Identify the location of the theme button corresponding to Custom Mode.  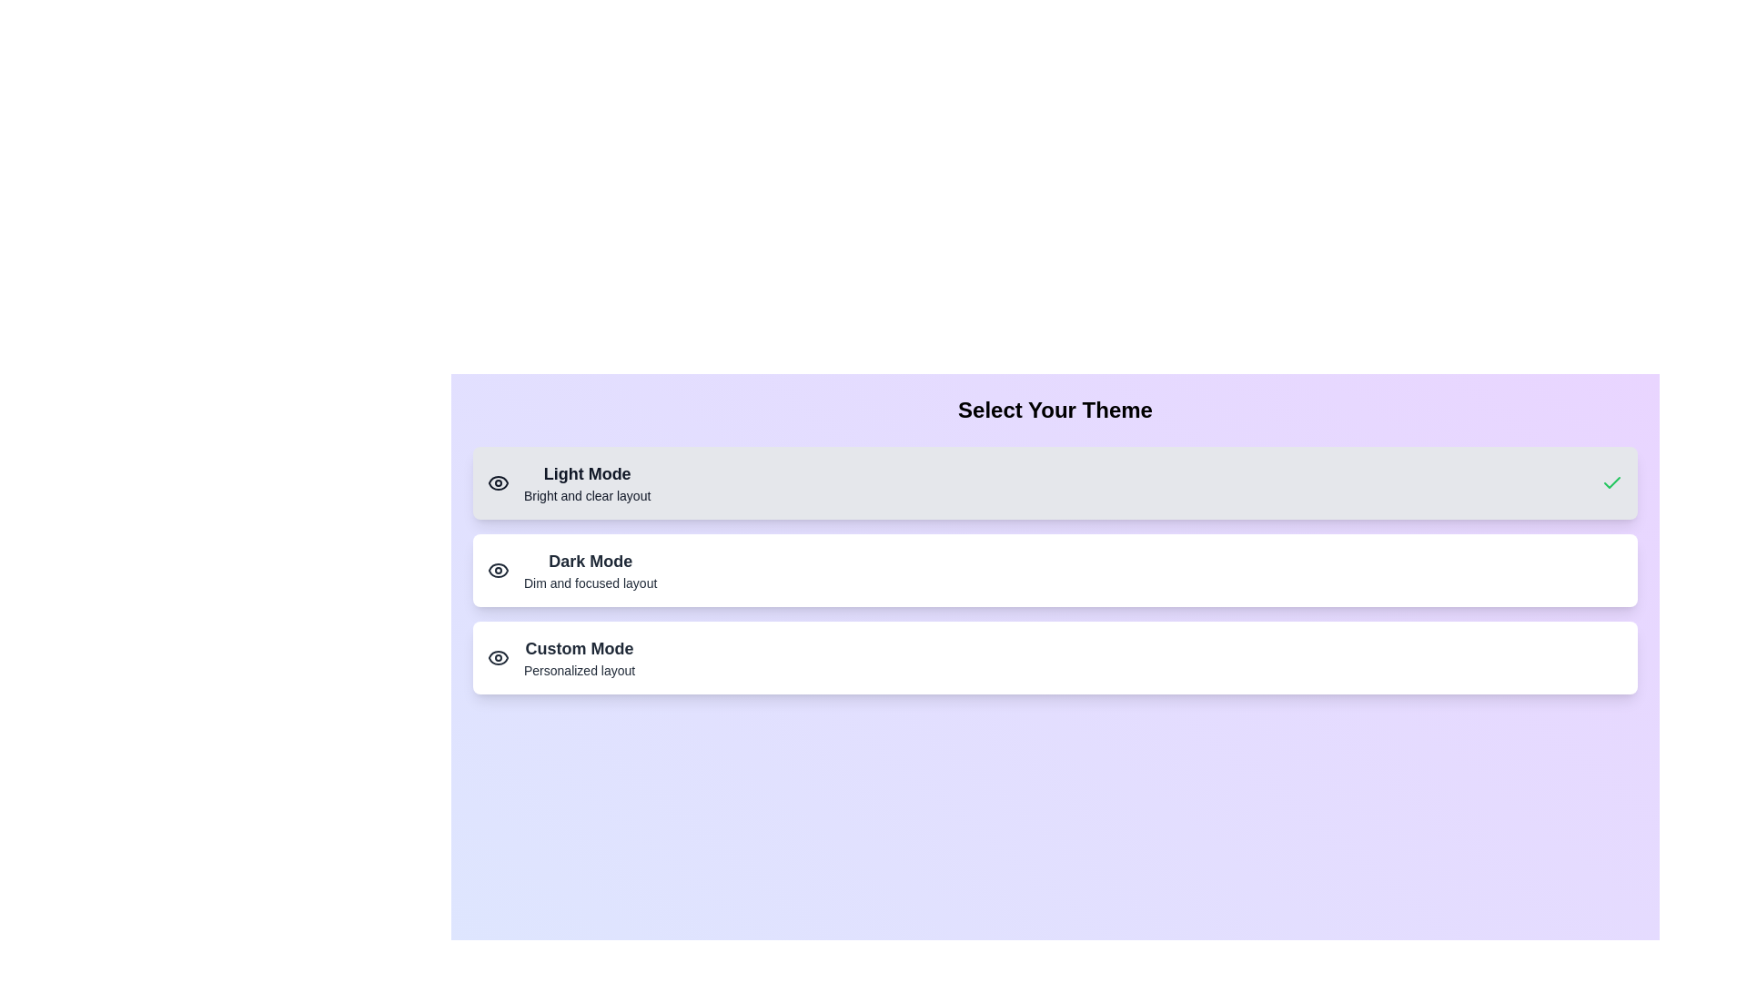
(1055, 657).